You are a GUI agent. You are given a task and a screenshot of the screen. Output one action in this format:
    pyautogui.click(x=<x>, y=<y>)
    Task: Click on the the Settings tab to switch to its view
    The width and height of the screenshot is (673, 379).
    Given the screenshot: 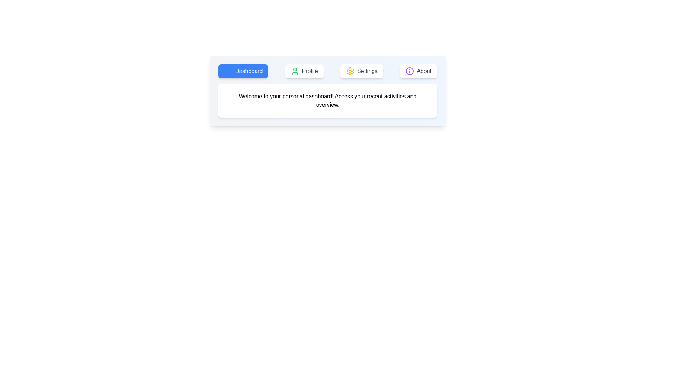 What is the action you would take?
    pyautogui.click(x=362, y=71)
    